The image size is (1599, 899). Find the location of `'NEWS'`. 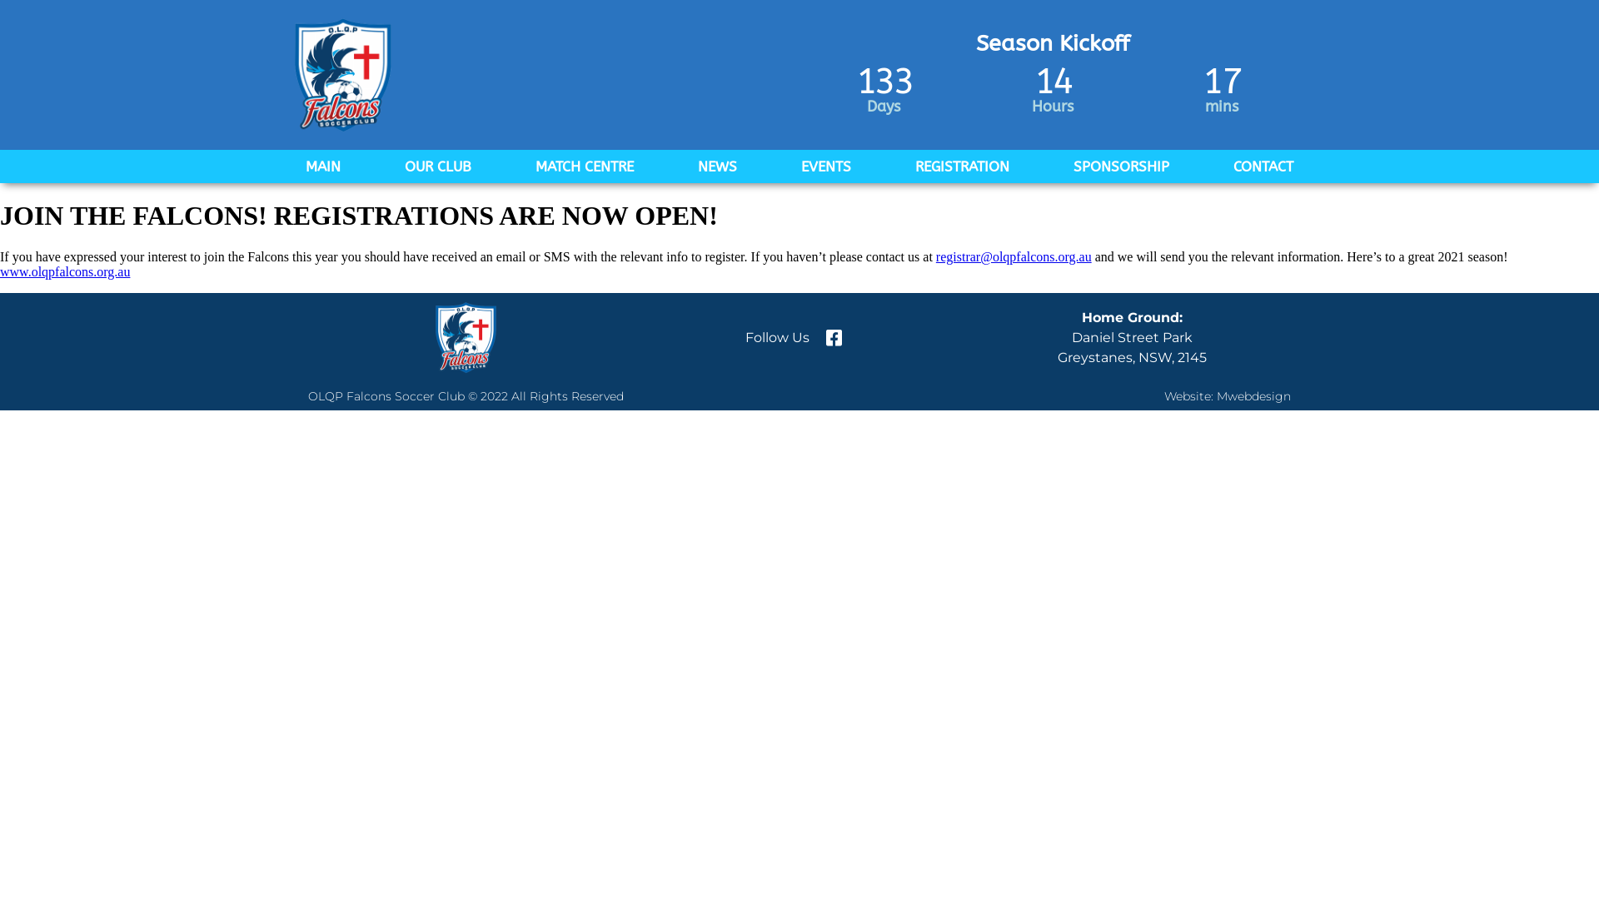

'NEWS' is located at coordinates (717, 166).